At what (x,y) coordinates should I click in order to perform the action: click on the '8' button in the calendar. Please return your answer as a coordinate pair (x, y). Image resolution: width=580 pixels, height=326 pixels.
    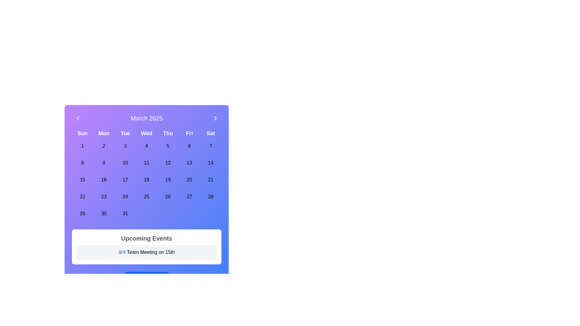
    Looking at the image, I should click on (82, 163).